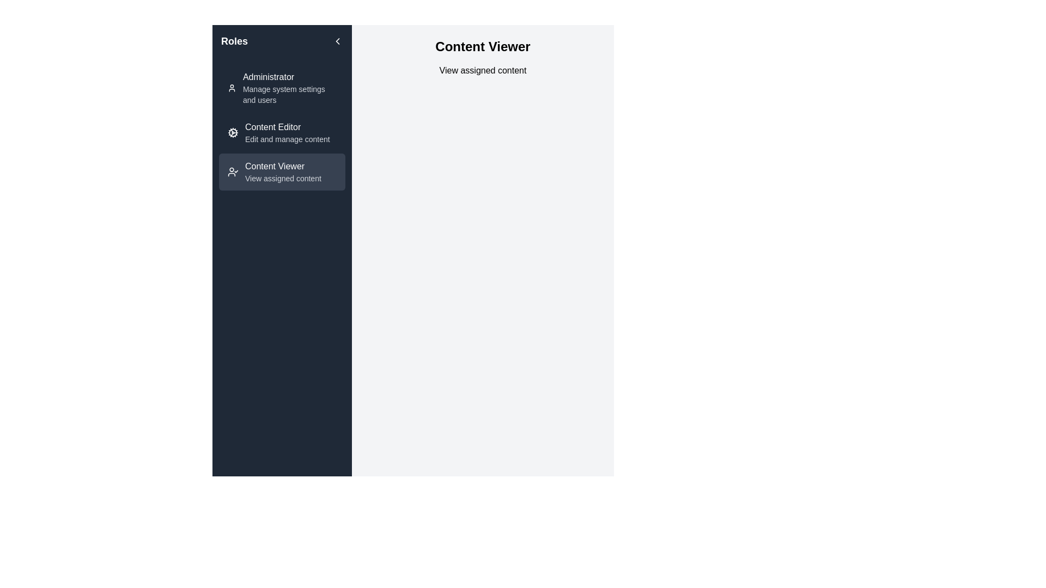  Describe the element at coordinates (290, 77) in the screenshot. I see `'Administrator' text label displayed in medium-weight font located at the top of the left sidebar under the 'Roles' section` at that location.